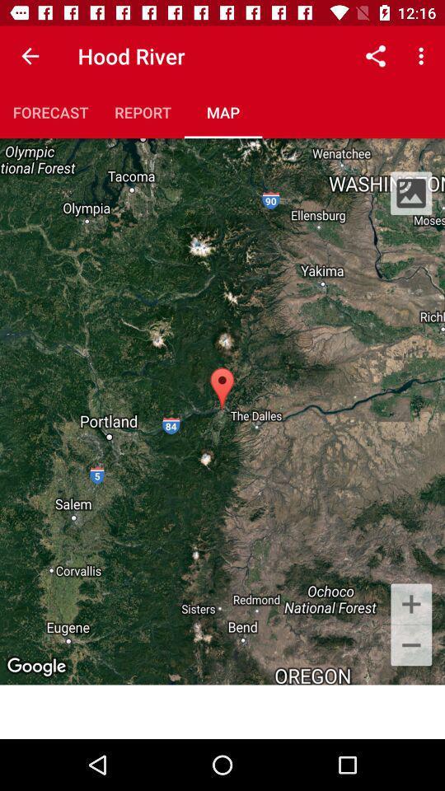 This screenshot has height=791, width=445. I want to click on zoom out button, so click(410, 646).